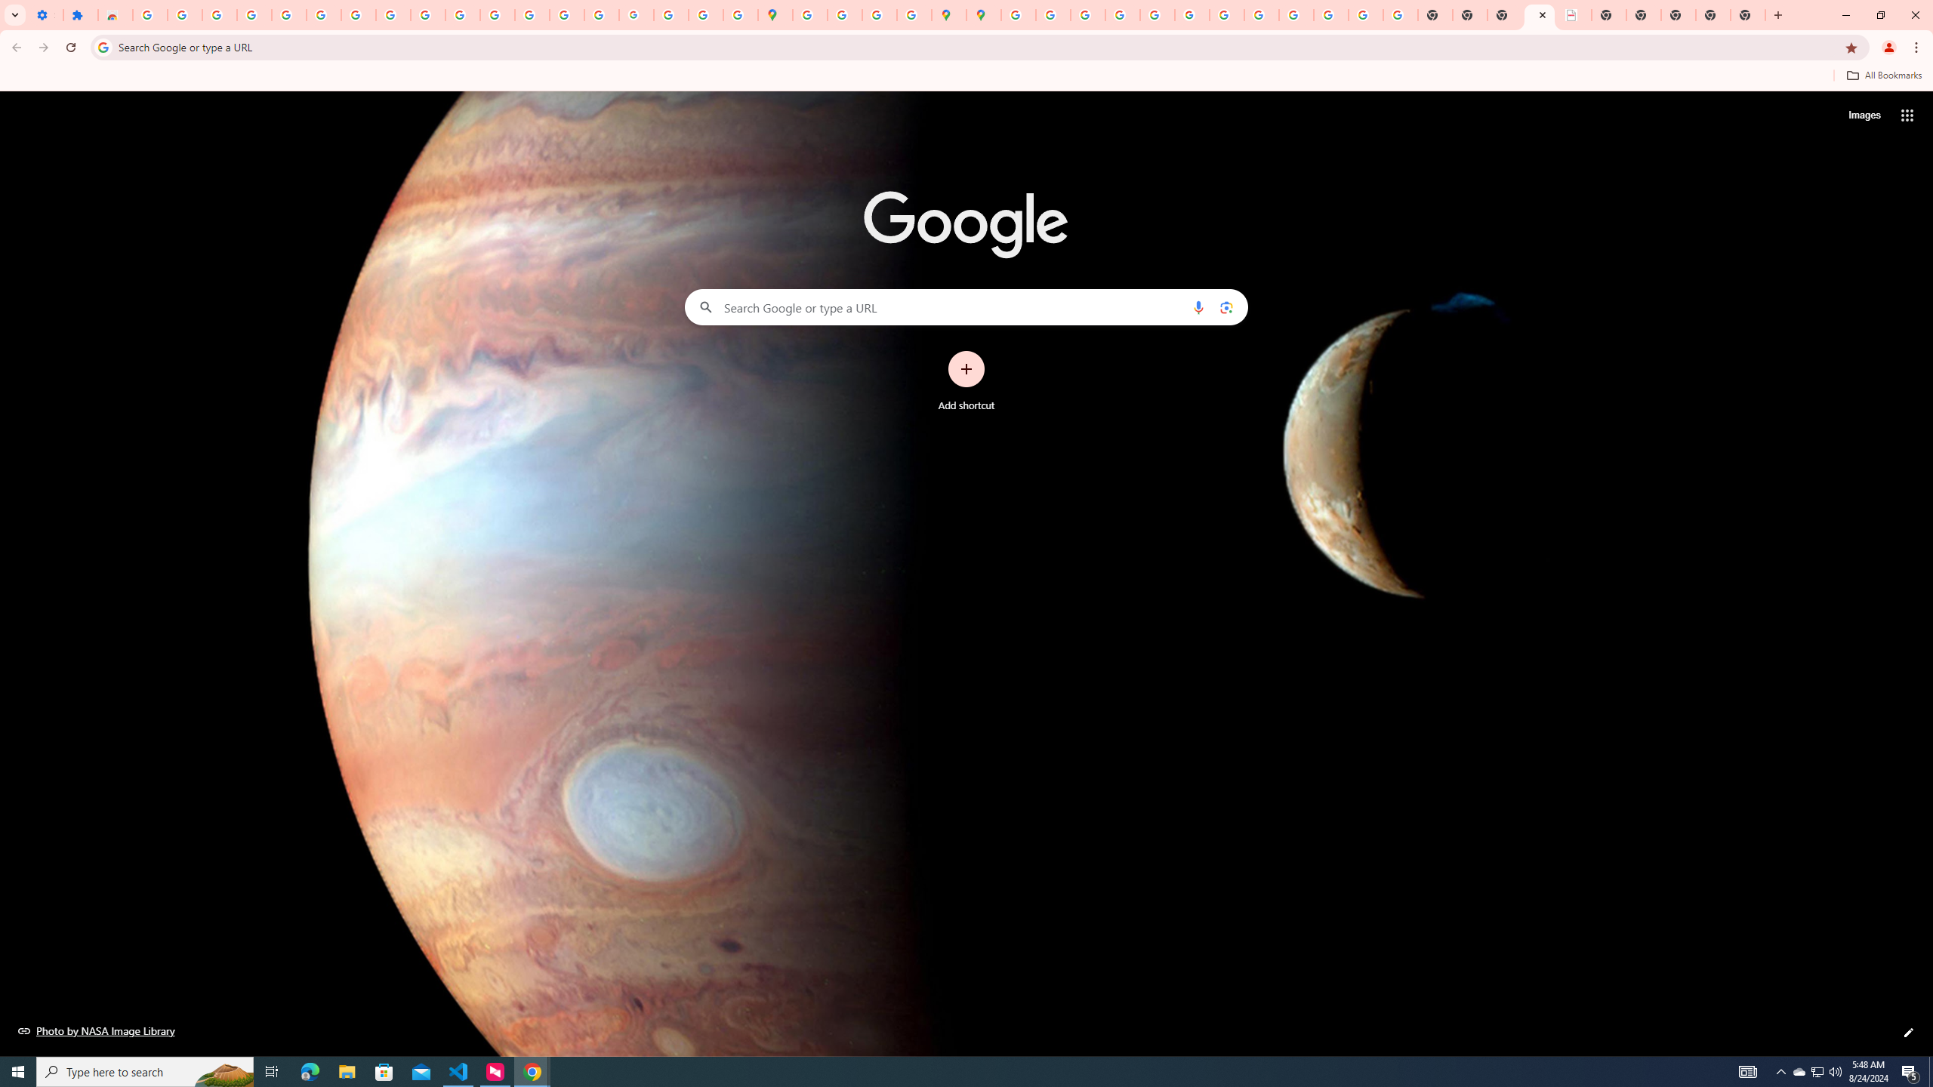  What do you see at coordinates (1121, 14) in the screenshot?
I see `'Privacy Help Center - Policies Help'` at bounding box center [1121, 14].